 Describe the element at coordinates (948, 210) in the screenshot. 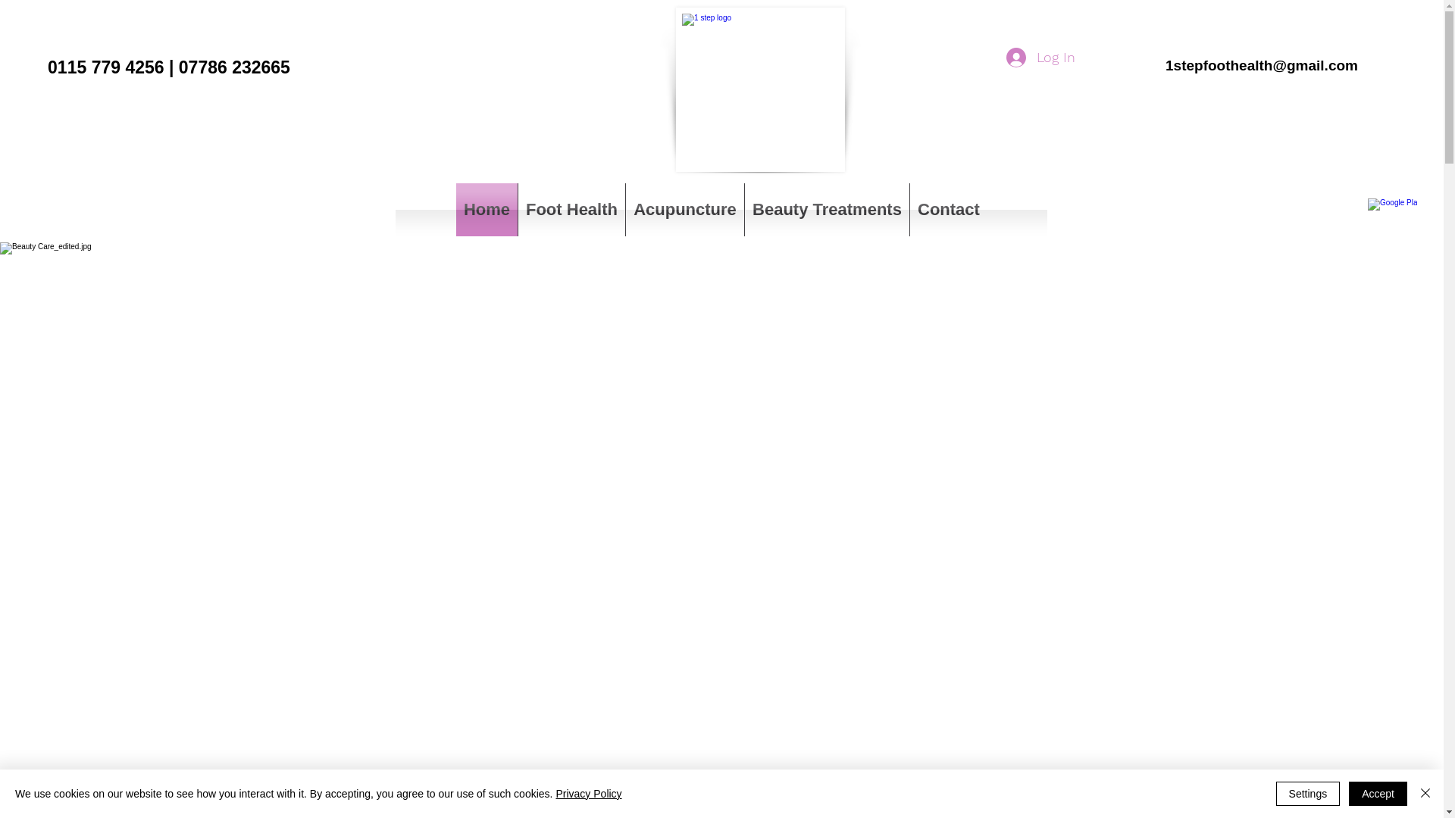

I see `'Contact'` at that location.